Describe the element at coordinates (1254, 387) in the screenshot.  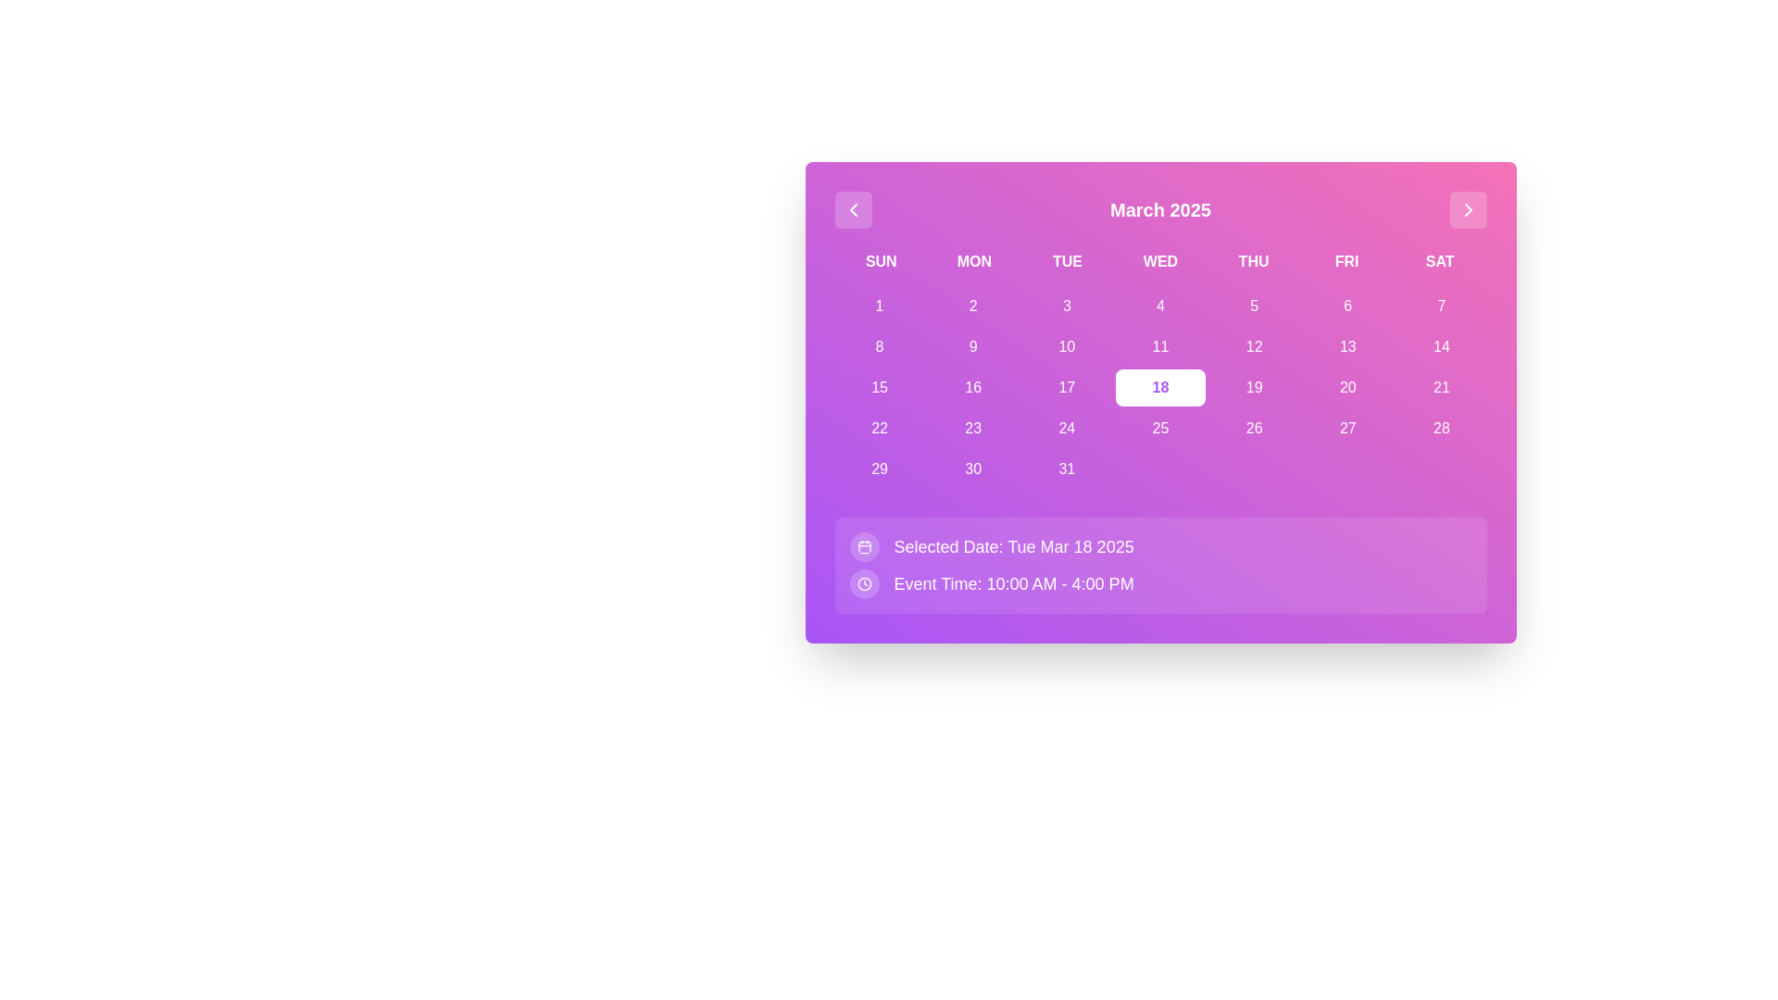
I see `the button labeled '19' which is a rectangular clickable element with a vibrant purple background and light-colored text, positioned in the fourth row and fifth column under the header 'March 2025'` at that location.